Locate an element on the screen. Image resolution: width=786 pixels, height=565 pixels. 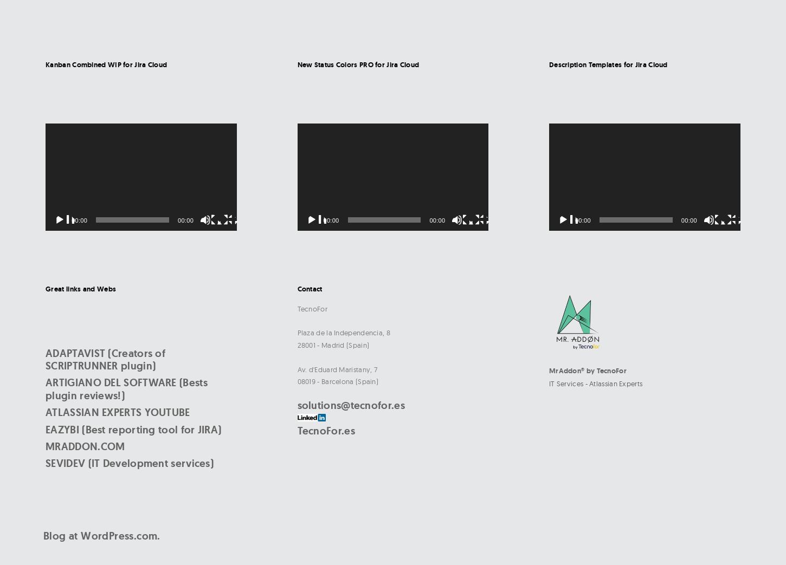
'TecnoFor.es' is located at coordinates (326, 430).